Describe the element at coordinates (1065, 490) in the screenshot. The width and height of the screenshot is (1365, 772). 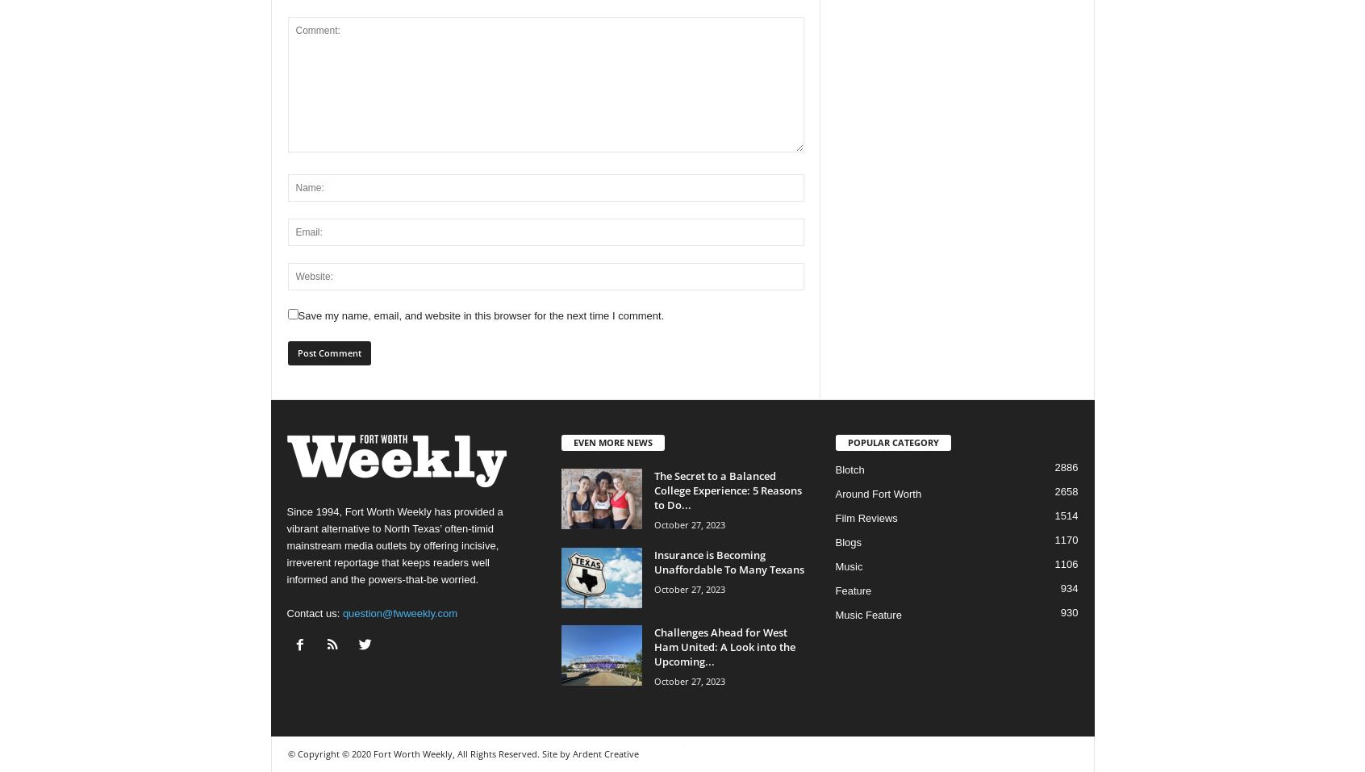
I see `'2658'` at that location.